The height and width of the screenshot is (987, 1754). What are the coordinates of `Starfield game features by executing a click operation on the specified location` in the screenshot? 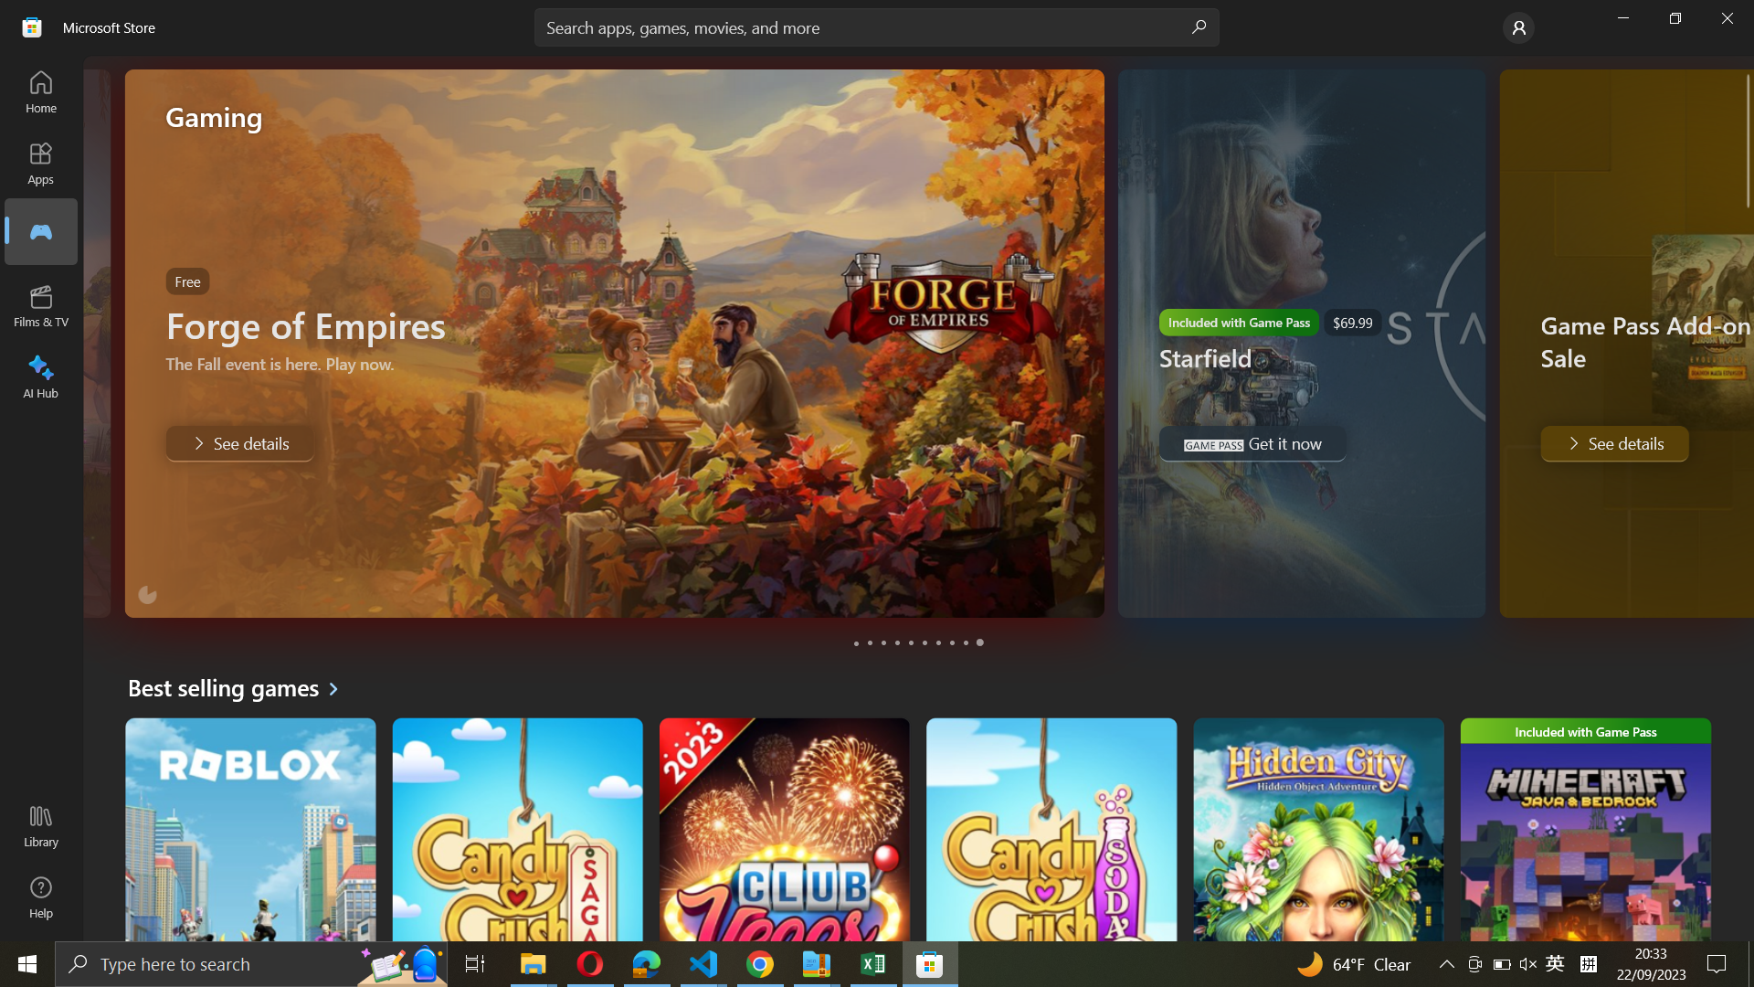 It's located at (870, 642).